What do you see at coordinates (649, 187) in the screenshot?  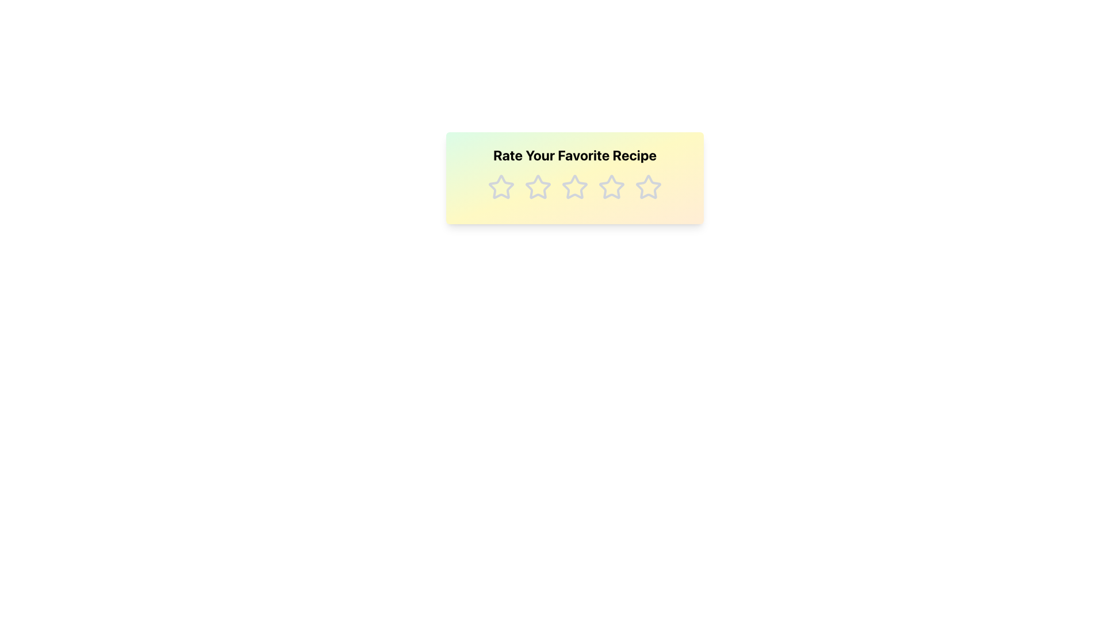 I see `the fifth star-shaped icon in the rating row` at bounding box center [649, 187].